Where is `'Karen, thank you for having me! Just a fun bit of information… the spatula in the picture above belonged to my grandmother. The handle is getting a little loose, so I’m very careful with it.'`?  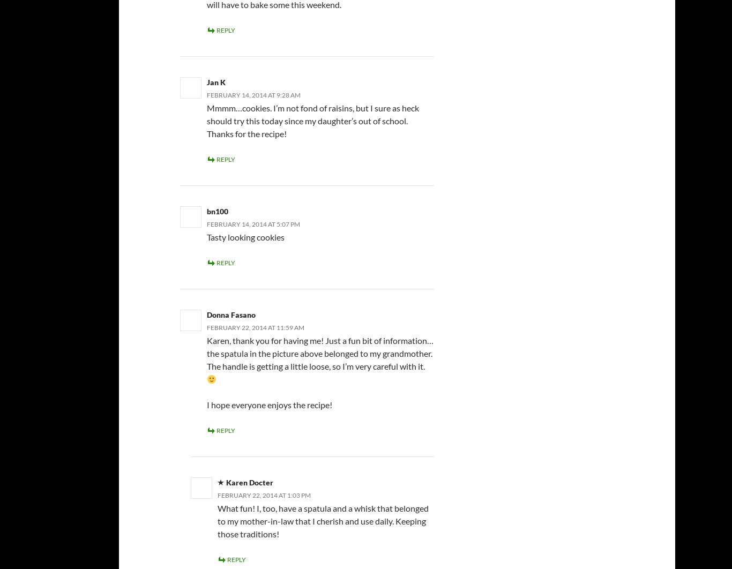 'Karen, thank you for having me! Just a fun bit of information… the spatula in the picture above belonged to my grandmother. The handle is getting a little loose, so I’m very careful with it.' is located at coordinates (319, 353).